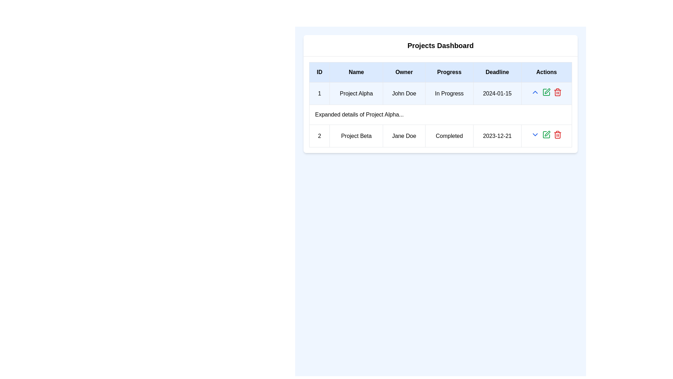 Image resolution: width=673 pixels, height=379 pixels. What do you see at coordinates (319, 136) in the screenshot?
I see `the Static Text Label that serves as an identifier for the project entry in the second row of the table, located in the 'ID' column` at bounding box center [319, 136].